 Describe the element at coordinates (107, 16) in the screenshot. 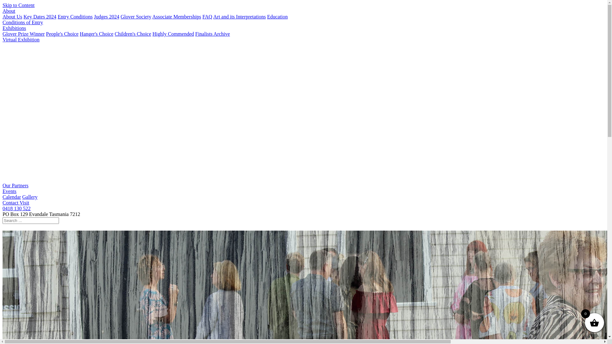

I see `'Judges 2024'` at that location.